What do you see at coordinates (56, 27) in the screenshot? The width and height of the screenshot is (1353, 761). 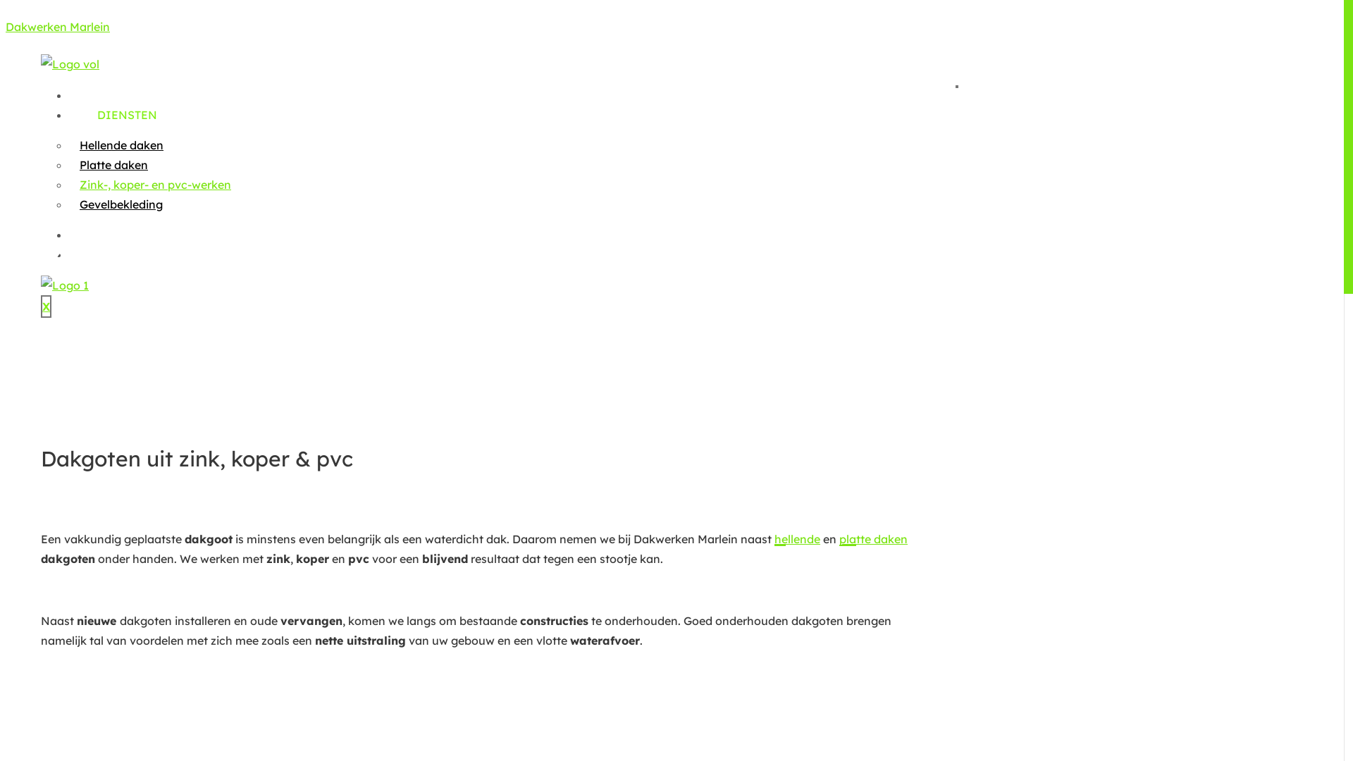 I see `'Dakwerken Marlein'` at bounding box center [56, 27].